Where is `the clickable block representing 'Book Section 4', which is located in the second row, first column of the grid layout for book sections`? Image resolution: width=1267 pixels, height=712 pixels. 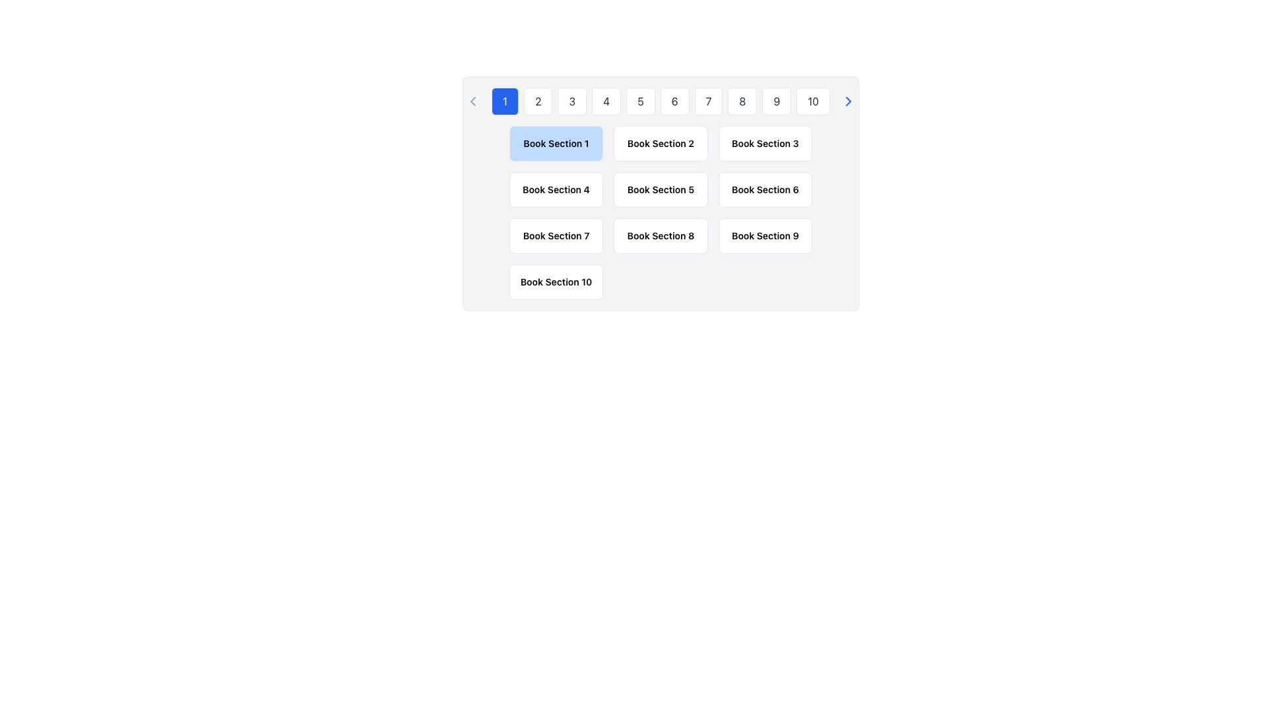 the clickable block representing 'Book Section 4', which is located in the second row, first column of the grid layout for book sections is located at coordinates (556, 190).